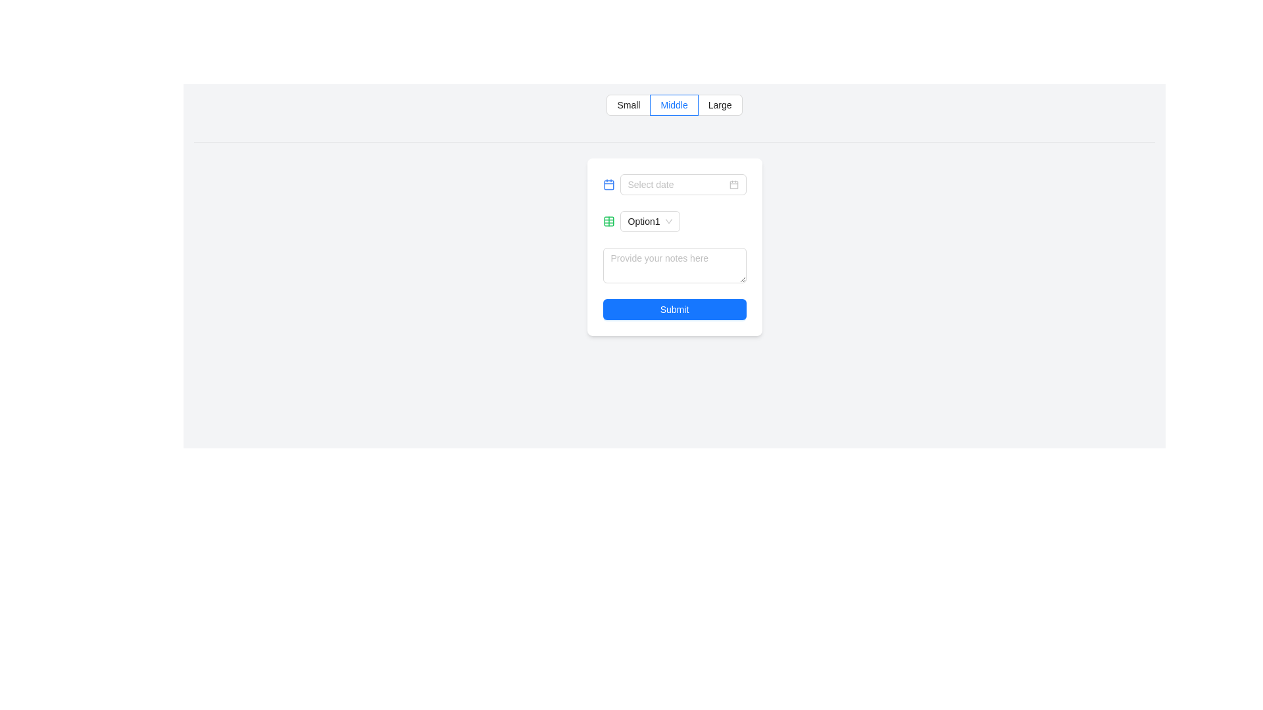 The image size is (1263, 710). What do you see at coordinates (674, 266) in the screenshot?
I see `the text input field for notes, which is located below the 'Option1' dropdown and above the 'Submit' button, to focus and type` at bounding box center [674, 266].